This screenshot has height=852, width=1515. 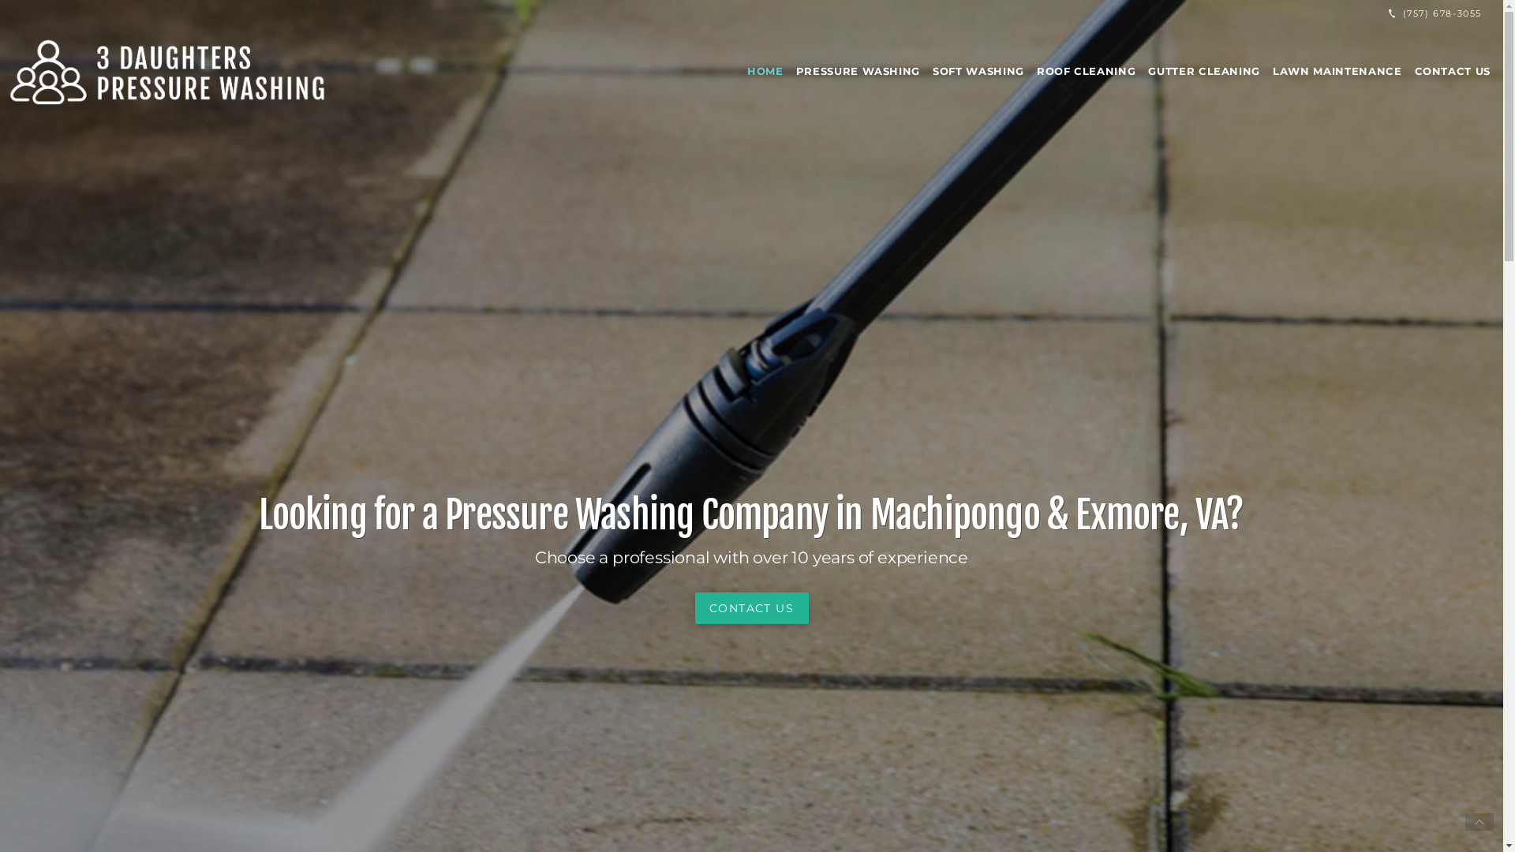 What do you see at coordinates (1266, 69) in the screenshot?
I see `'LAWN MAINTENANCE'` at bounding box center [1266, 69].